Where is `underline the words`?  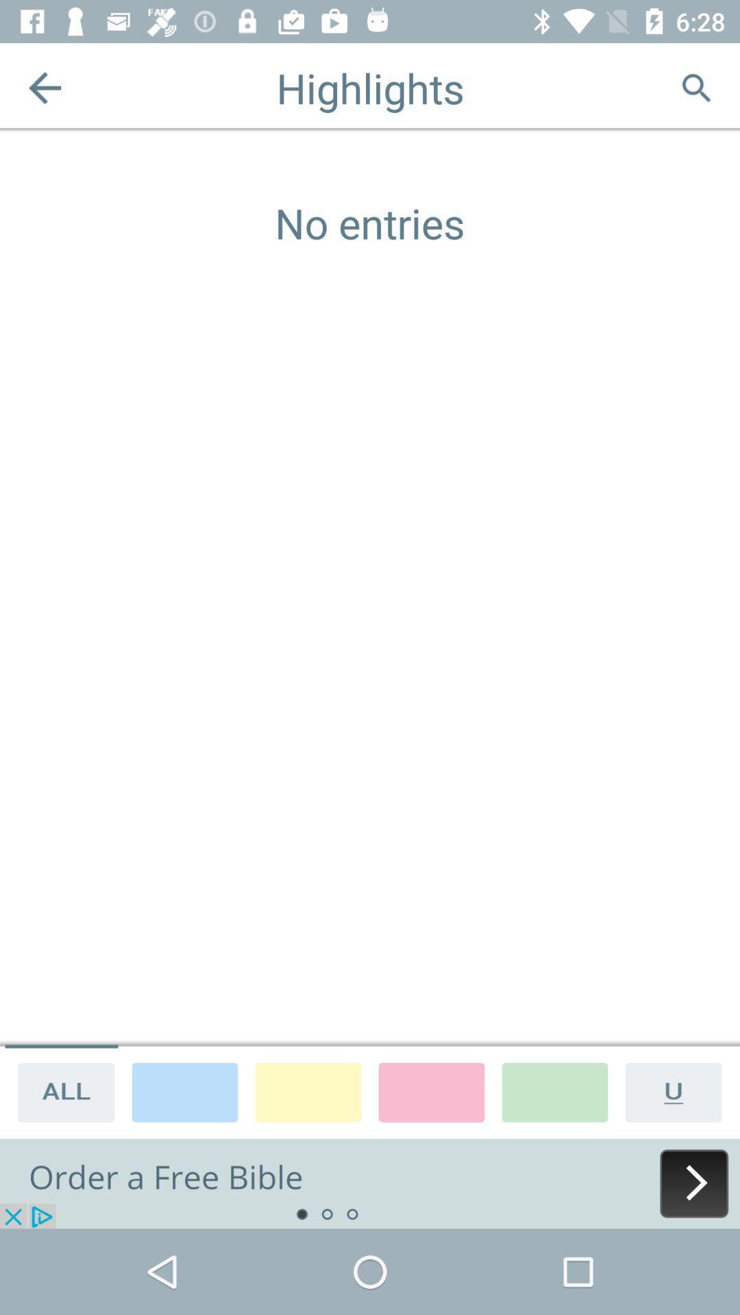 underline the words is located at coordinates (678, 1091).